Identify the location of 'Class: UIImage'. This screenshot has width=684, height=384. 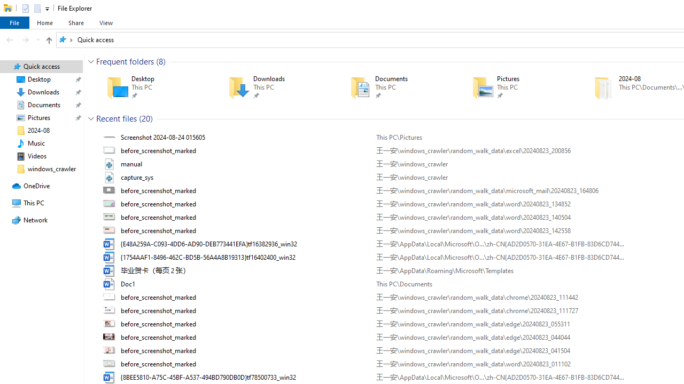
(110, 364).